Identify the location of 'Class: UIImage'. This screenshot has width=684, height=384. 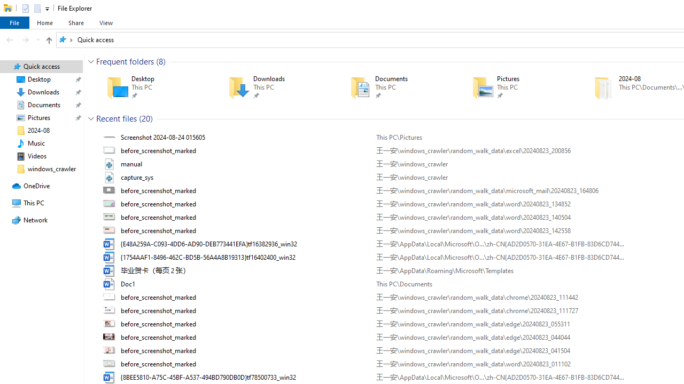
(110, 364).